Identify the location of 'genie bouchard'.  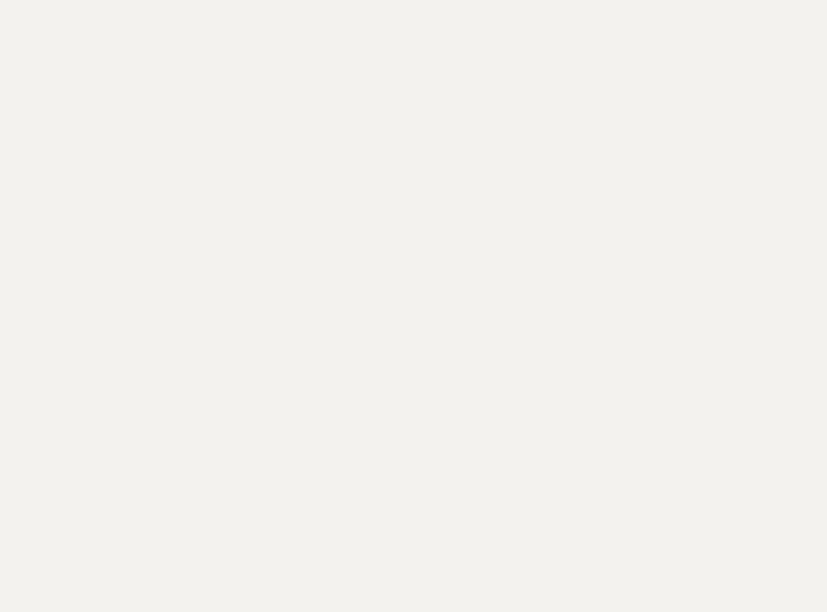
(226, 553).